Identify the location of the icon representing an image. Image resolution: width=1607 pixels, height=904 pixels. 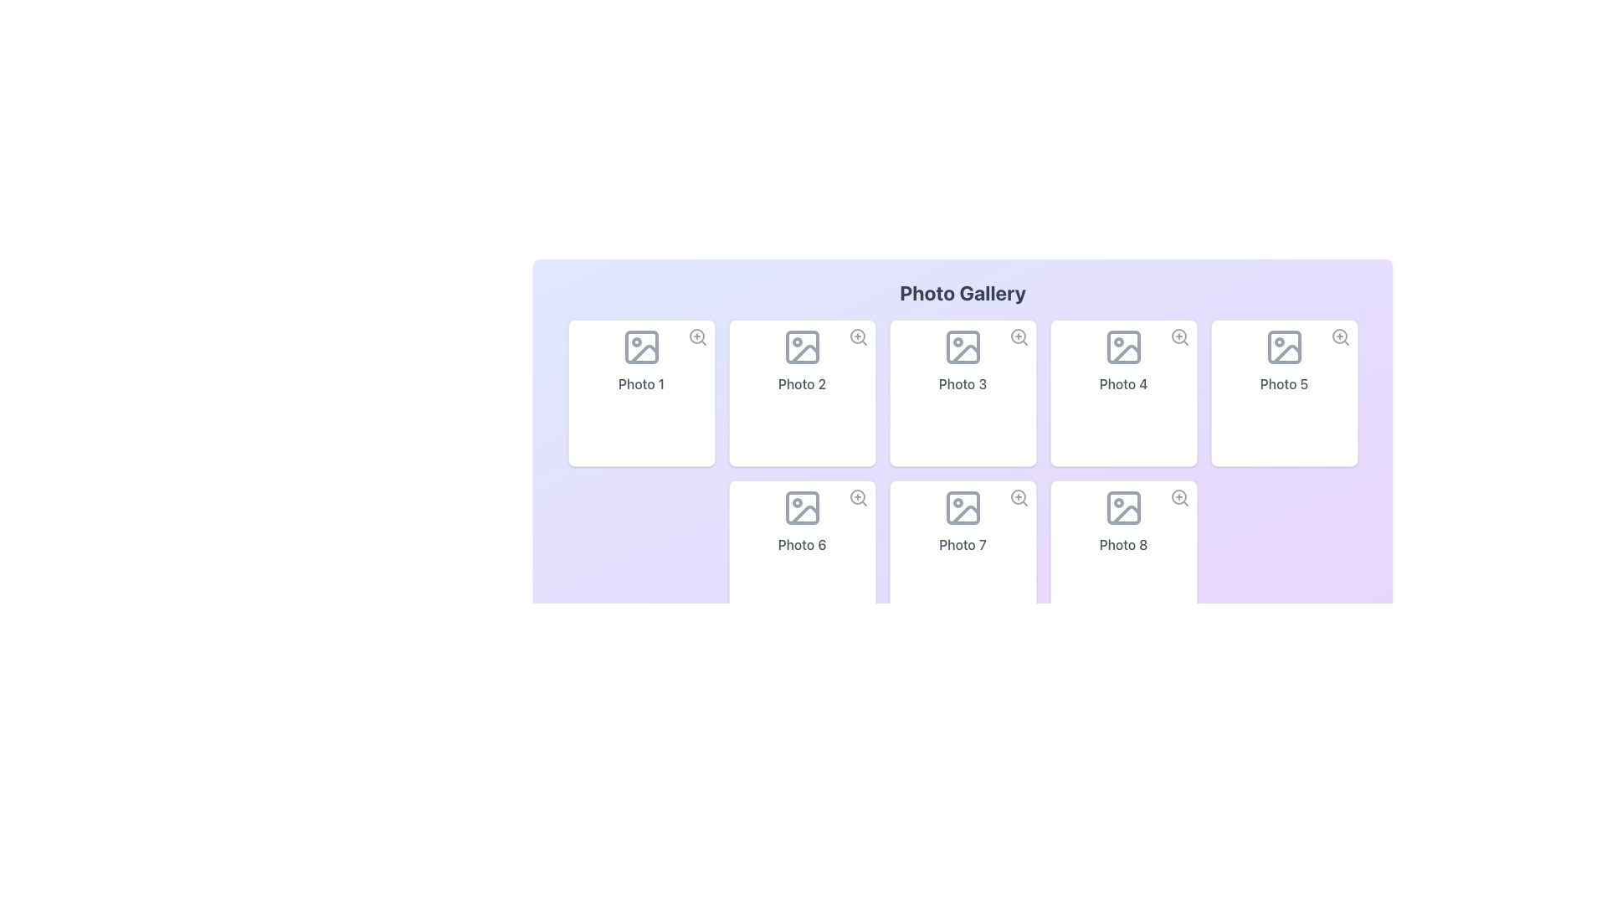
(963, 506).